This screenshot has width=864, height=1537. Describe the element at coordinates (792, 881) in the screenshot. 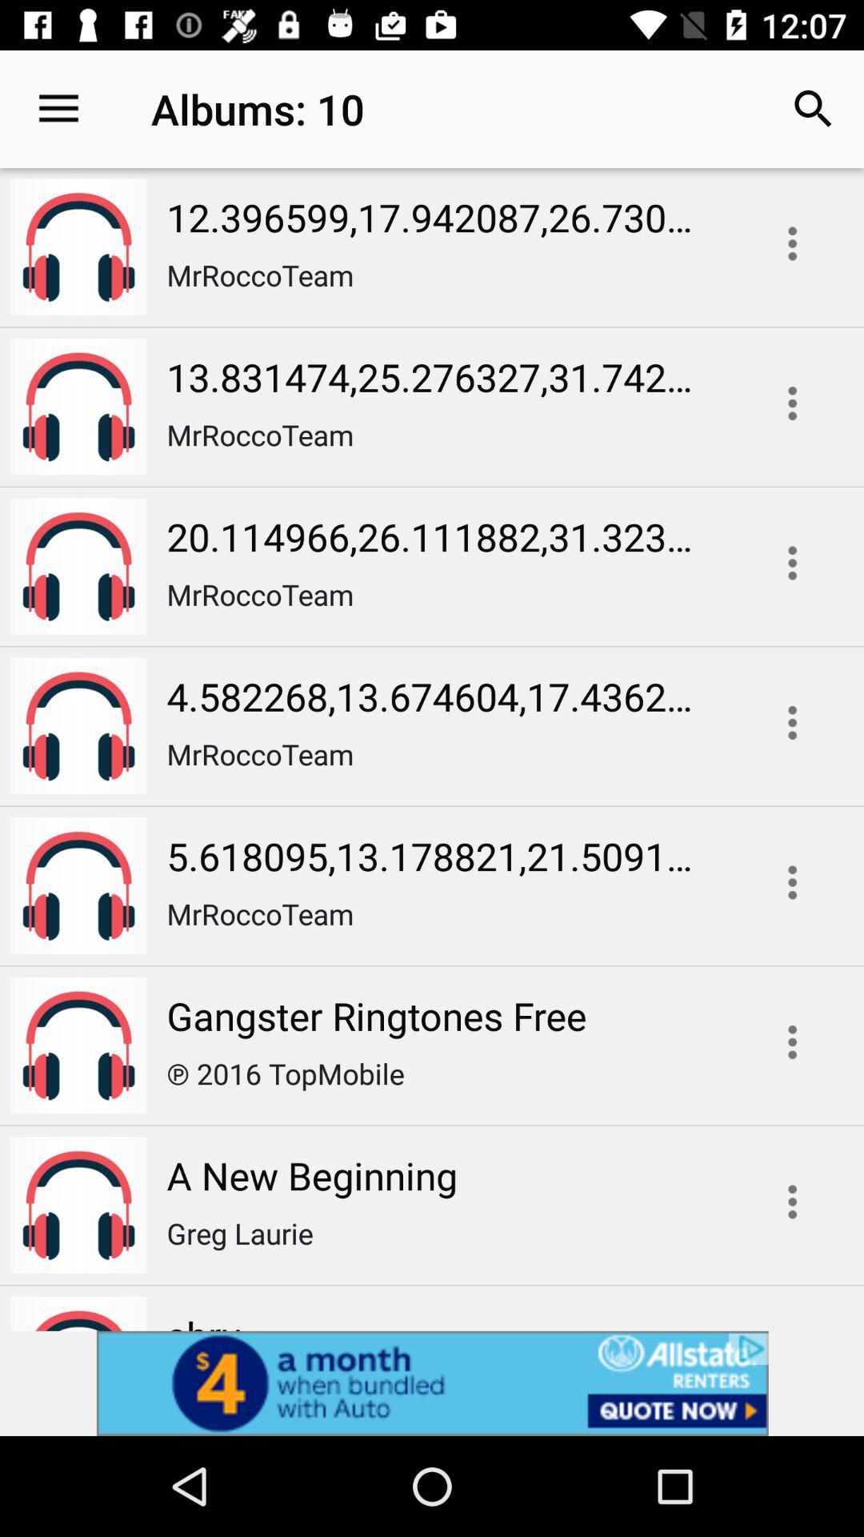

I see `open a list of actions to do to the track` at that location.